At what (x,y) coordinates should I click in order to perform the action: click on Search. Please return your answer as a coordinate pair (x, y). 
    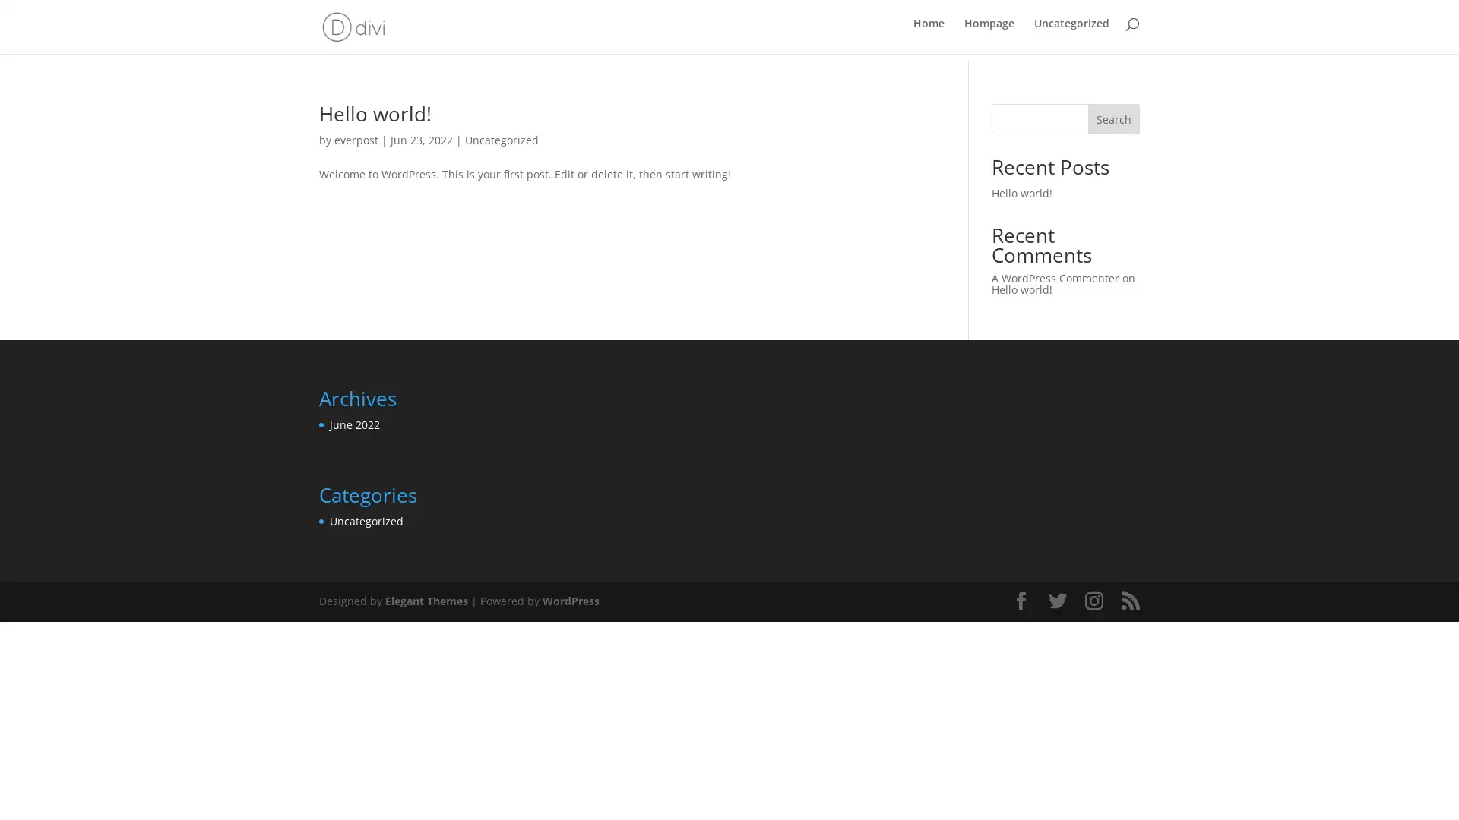
    Looking at the image, I should click on (1113, 115).